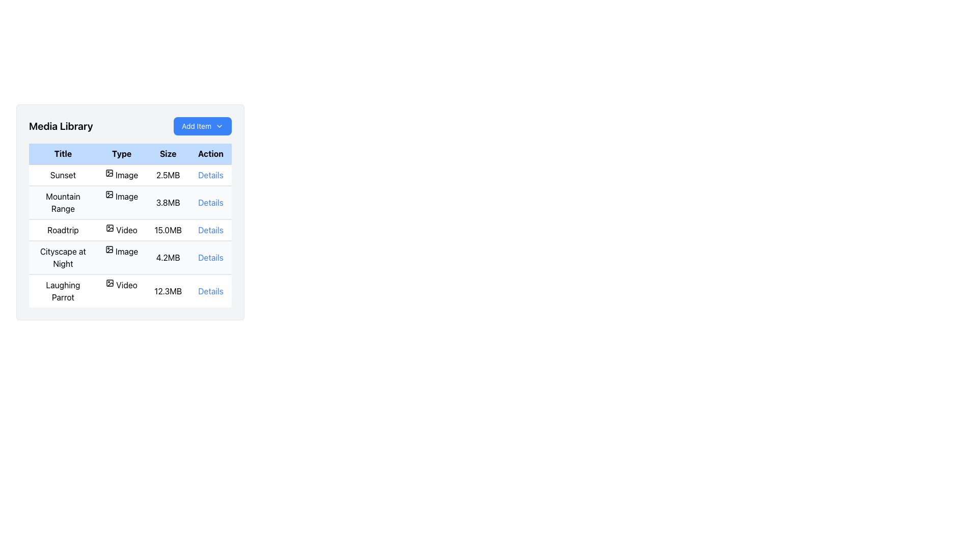 This screenshot has width=978, height=550. What do you see at coordinates (110, 283) in the screenshot?
I see `the media icon representing the video file type in the 'Laughing Parrot' row of the Media Library table` at bounding box center [110, 283].